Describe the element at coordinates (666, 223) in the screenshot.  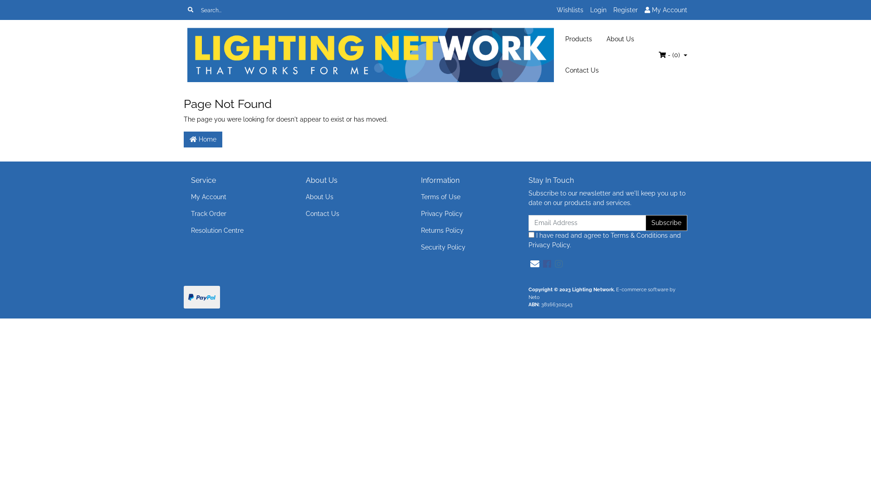
I see `'Subscribe'` at that location.